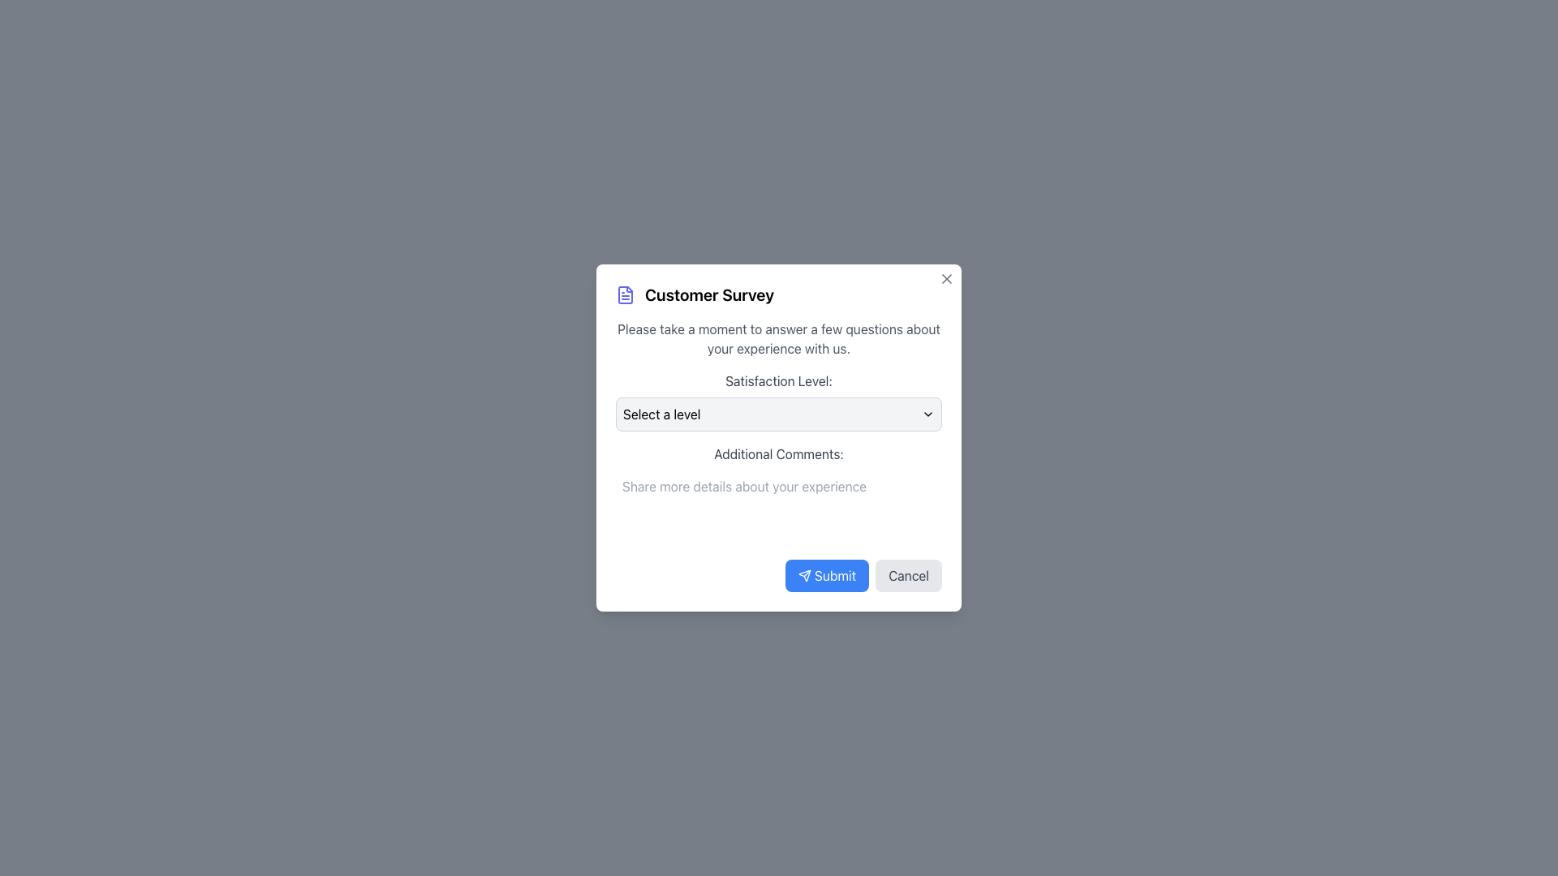 The width and height of the screenshot is (1558, 876). Describe the element at coordinates (927, 413) in the screenshot. I see `the downward chevron icon located to the right of the 'Select a level' text box, which indicates the presence of a dropdown menu or expandable list` at that location.